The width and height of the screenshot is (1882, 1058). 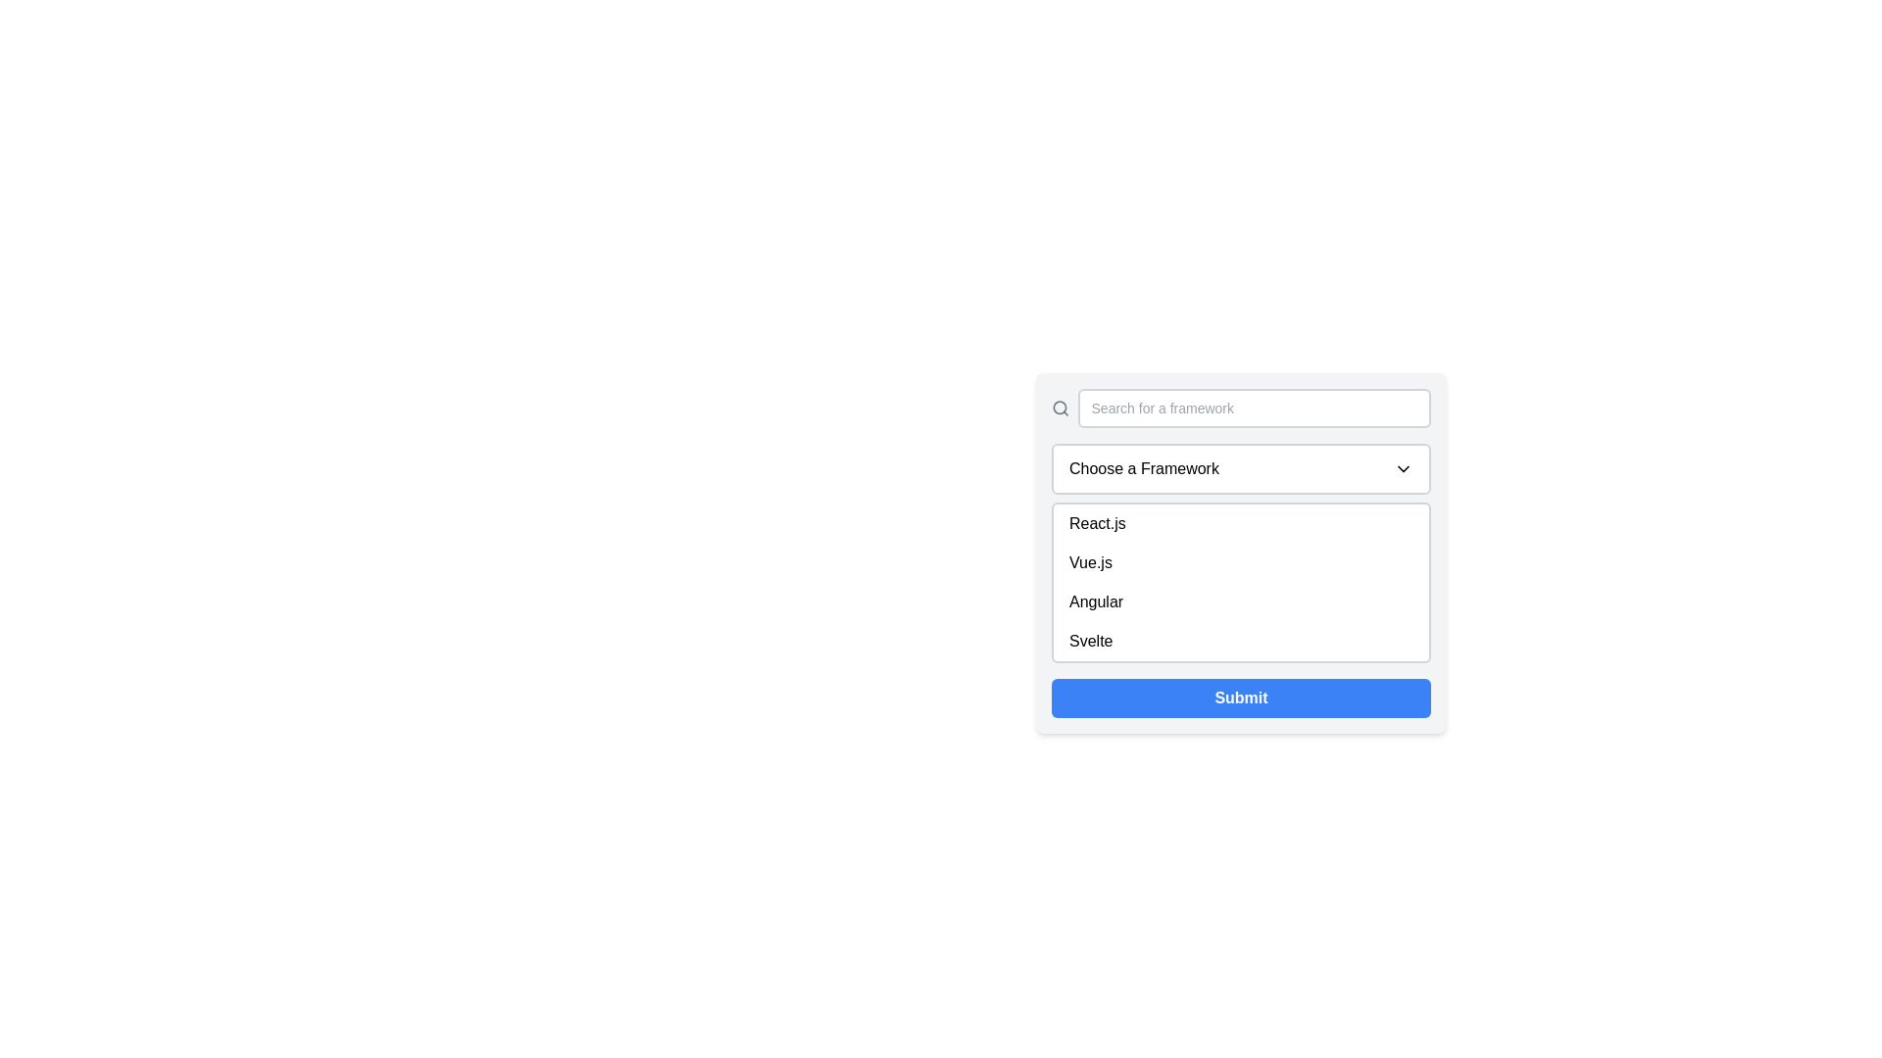 What do you see at coordinates (1240, 697) in the screenshot?
I see `the submission button located at the bottom of the card layout` at bounding box center [1240, 697].